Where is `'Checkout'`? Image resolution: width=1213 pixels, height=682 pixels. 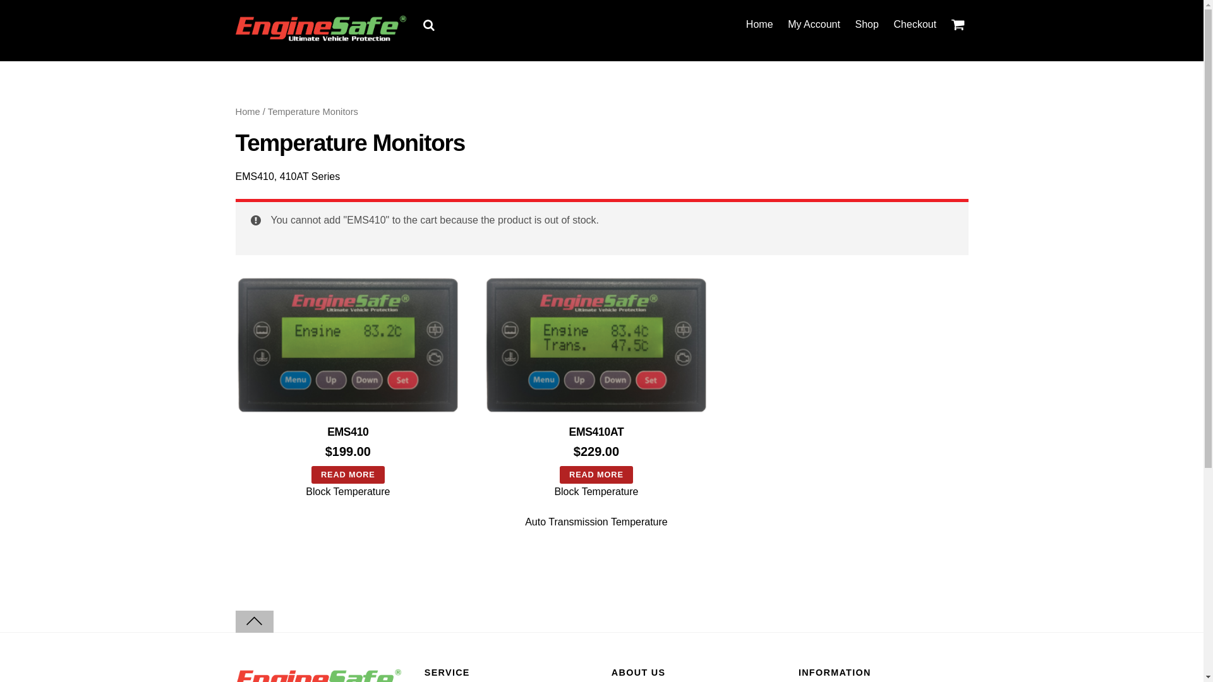 'Checkout' is located at coordinates (915, 24).